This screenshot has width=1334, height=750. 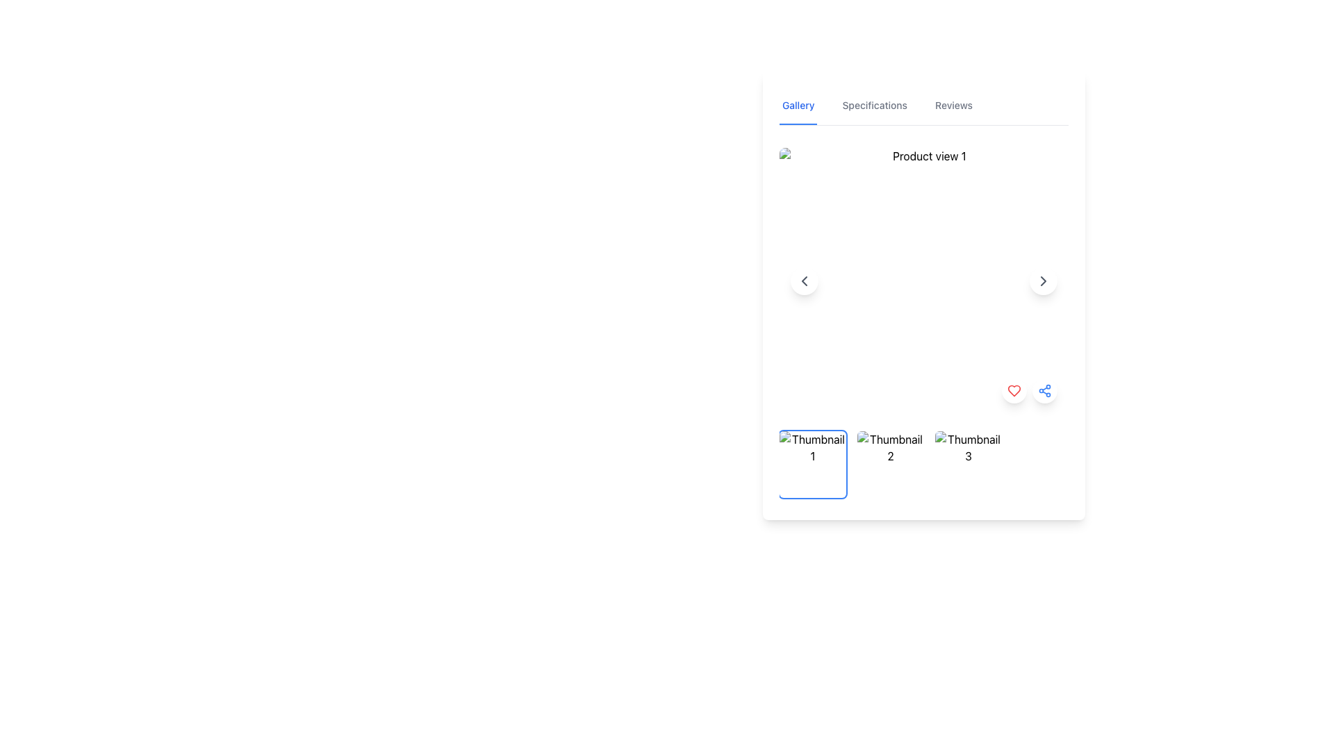 I want to click on the navigation button located at the top-right corner of the gallery or carousel layout, so click(x=1044, y=281).